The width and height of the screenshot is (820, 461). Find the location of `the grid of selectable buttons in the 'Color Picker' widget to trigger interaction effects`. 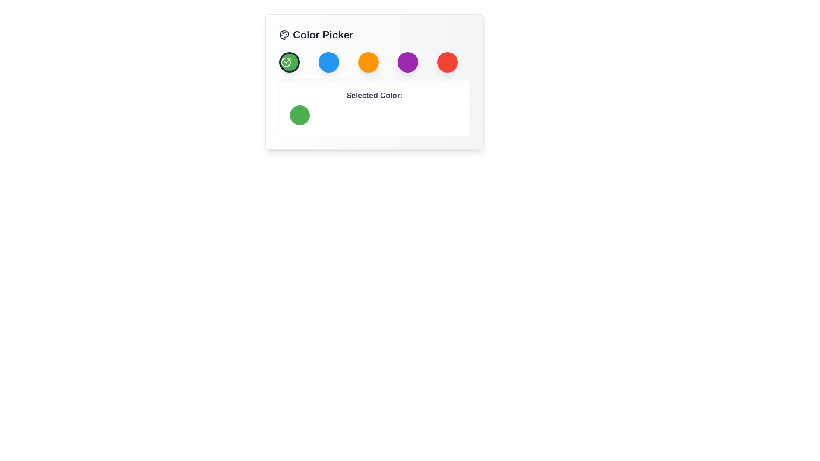

the grid of selectable buttons in the 'Color Picker' widget to trigger interaction effects is located at coordinates (375, 62).